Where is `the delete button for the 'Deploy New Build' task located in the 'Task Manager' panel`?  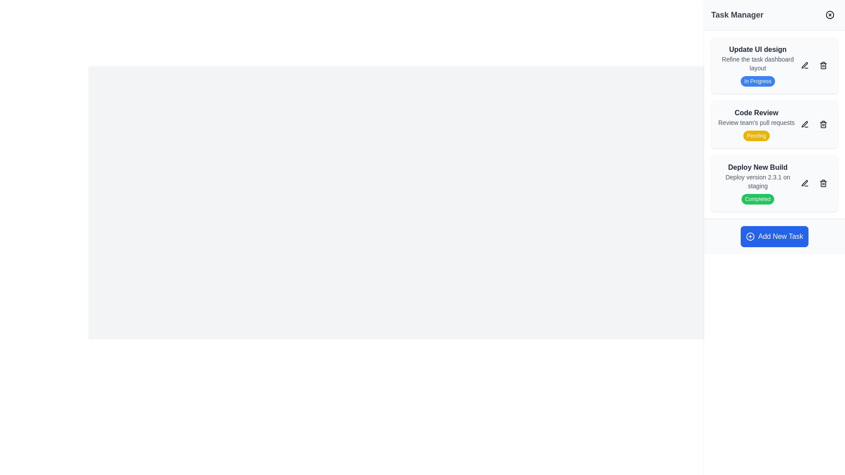 the delete button for the 'Deploy New Build' task located in the 'Task Manager' panel is located at coordinates (823, 183).